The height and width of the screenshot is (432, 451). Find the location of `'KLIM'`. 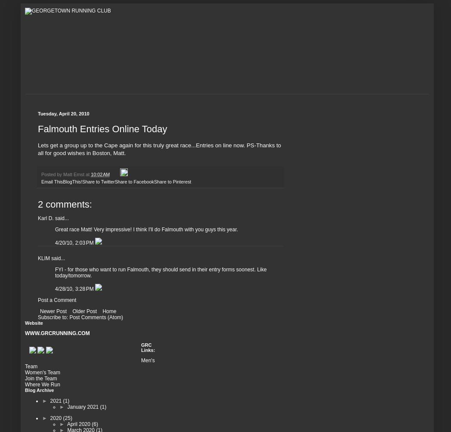

'KLIM' is located at coordinates (43, 257).